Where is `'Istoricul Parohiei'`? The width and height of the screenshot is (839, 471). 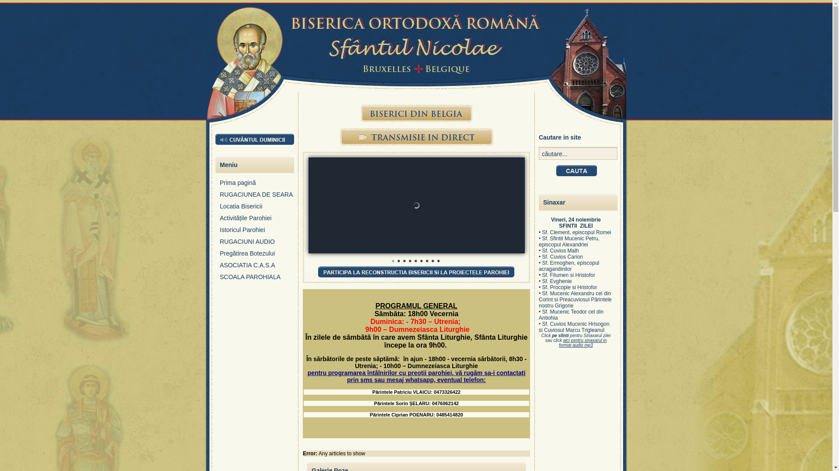
'Istoricul Parohiei' is located at coordinates (257, 232).